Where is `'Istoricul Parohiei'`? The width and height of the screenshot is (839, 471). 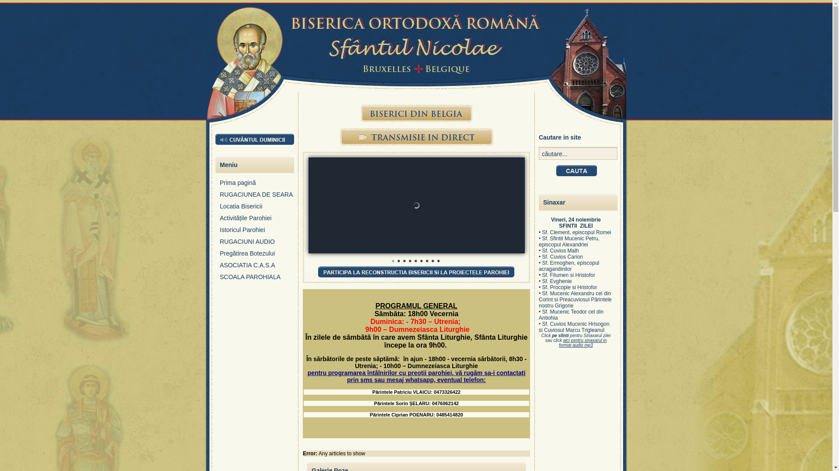
'Istoricul Parohiei' is located at coordinates (257, 232).